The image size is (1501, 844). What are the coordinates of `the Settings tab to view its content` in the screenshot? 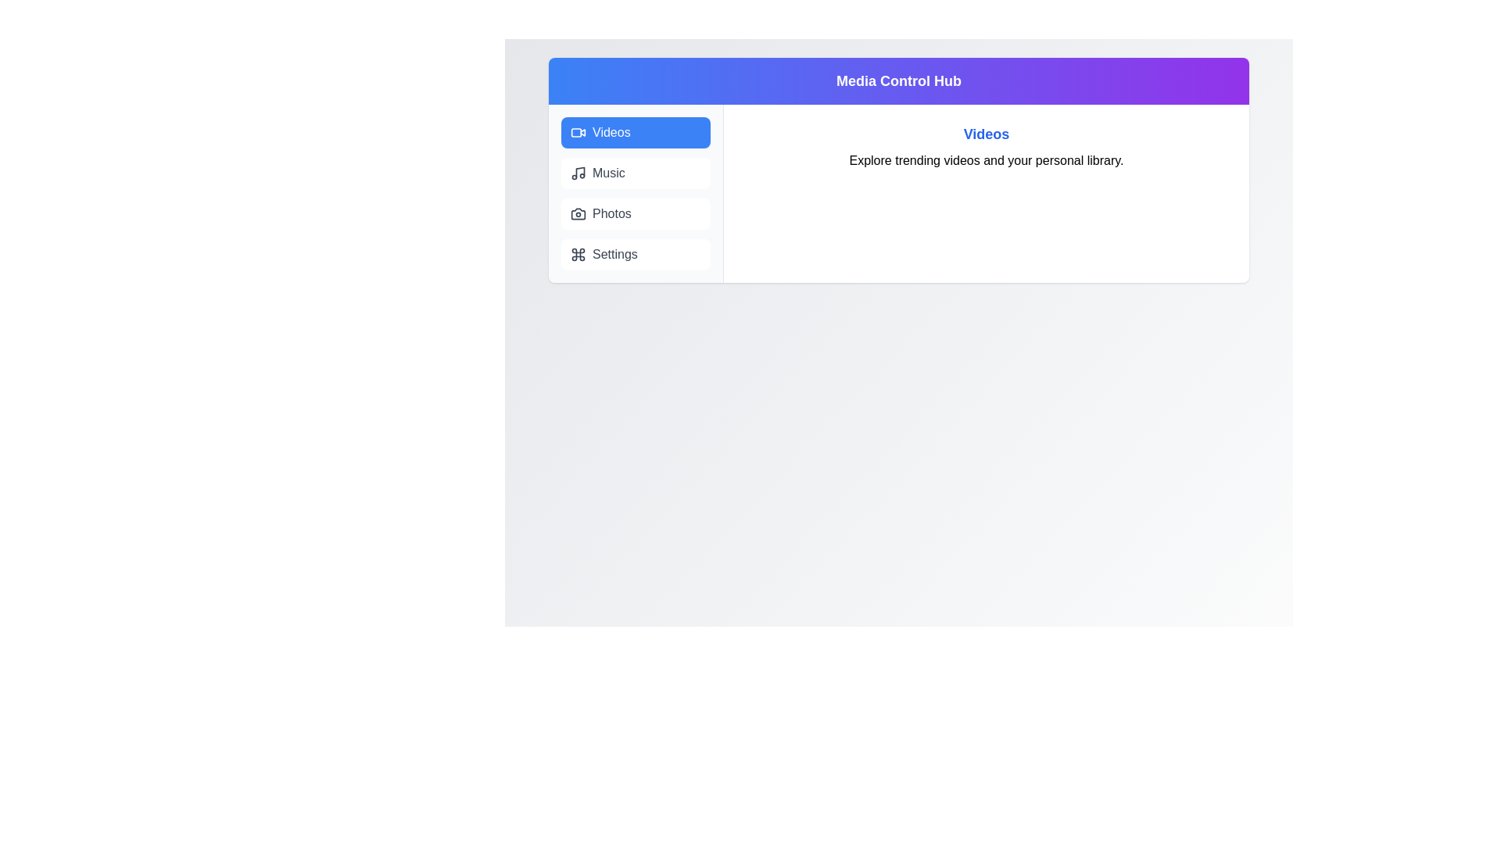 It's located at (636, 254).